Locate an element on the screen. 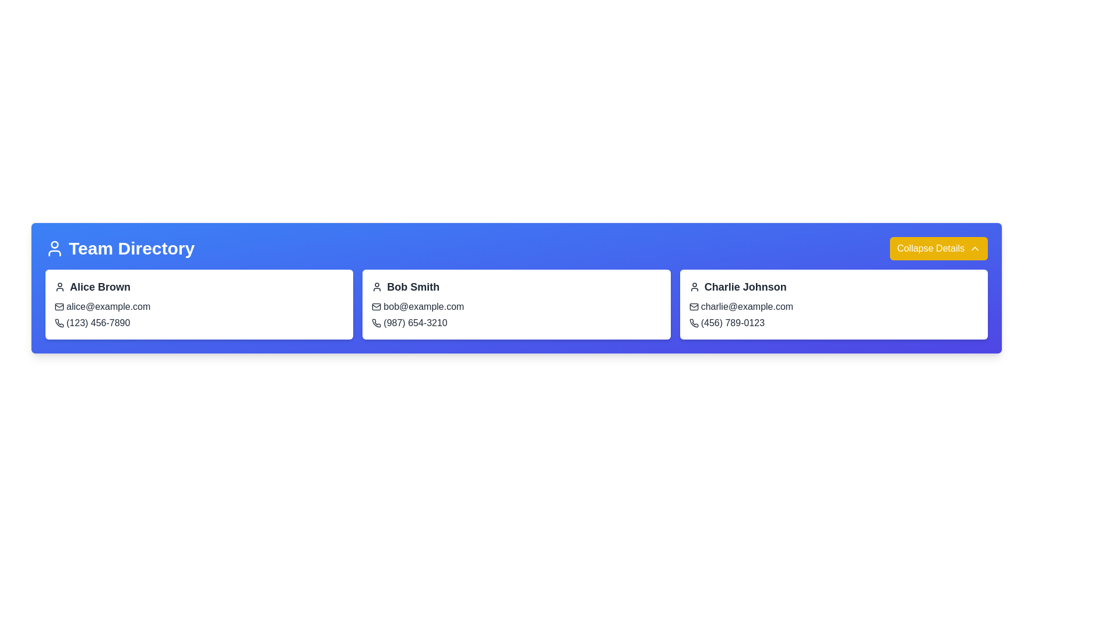  the phone number icon located beneath the email icon, adjacent to the text block displaying Alice Brown's contact information in the Team Directory interface is located at coordinates (58, 323).